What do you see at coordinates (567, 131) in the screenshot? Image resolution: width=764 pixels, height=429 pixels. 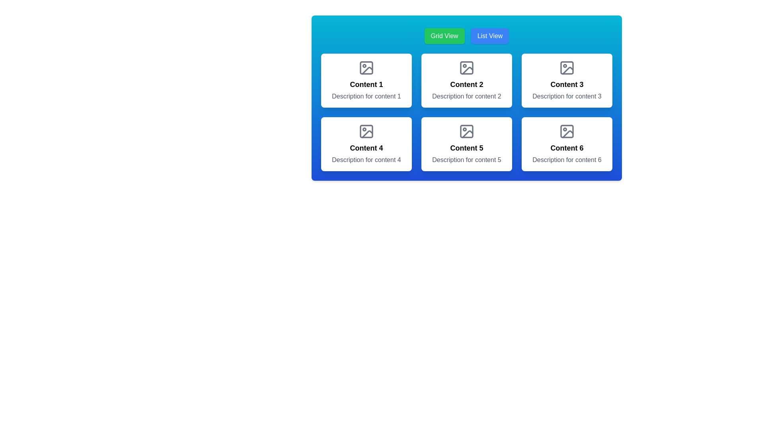 I see `the graphical icon that depicts an image placeholder, which is styled with a rounded rectangle, a circular dot, and a diagonal line, located at the top center of the 'Content 6' card` at bounding box center [567, 131].